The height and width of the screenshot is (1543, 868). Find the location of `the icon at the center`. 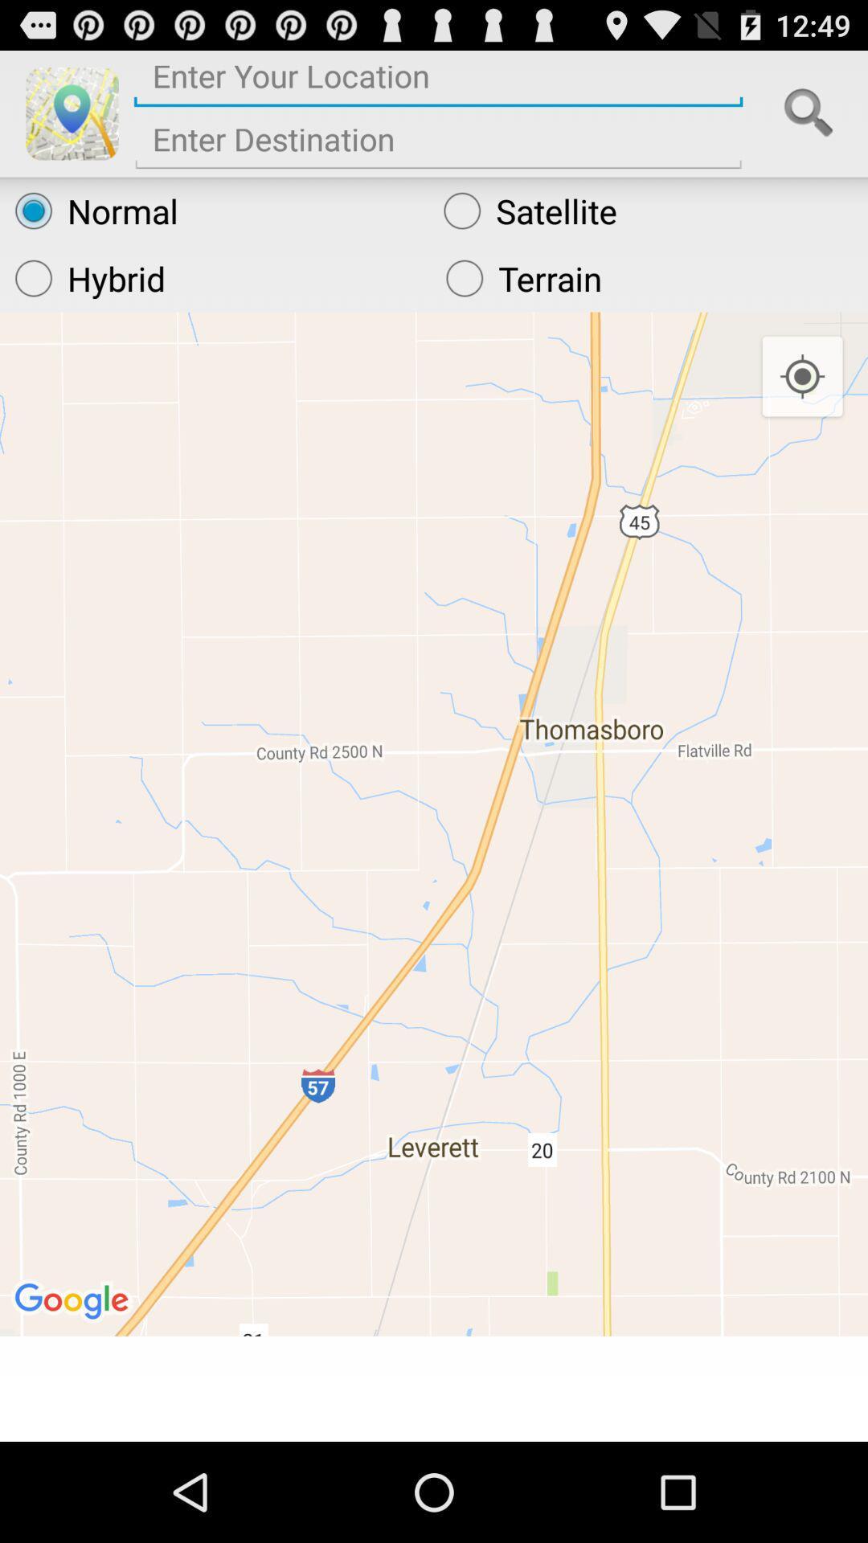

the icon at the center is located at coordinates (434, 824).